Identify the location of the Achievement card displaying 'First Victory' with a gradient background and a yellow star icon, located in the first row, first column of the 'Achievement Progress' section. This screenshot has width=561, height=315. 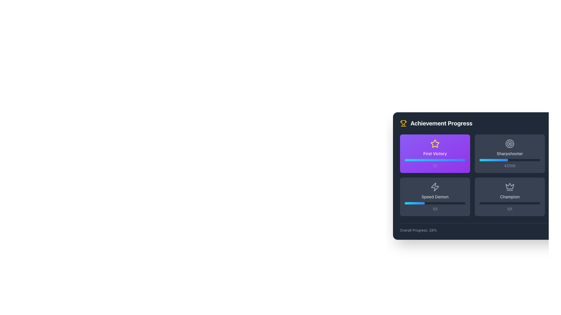
(435, 153).